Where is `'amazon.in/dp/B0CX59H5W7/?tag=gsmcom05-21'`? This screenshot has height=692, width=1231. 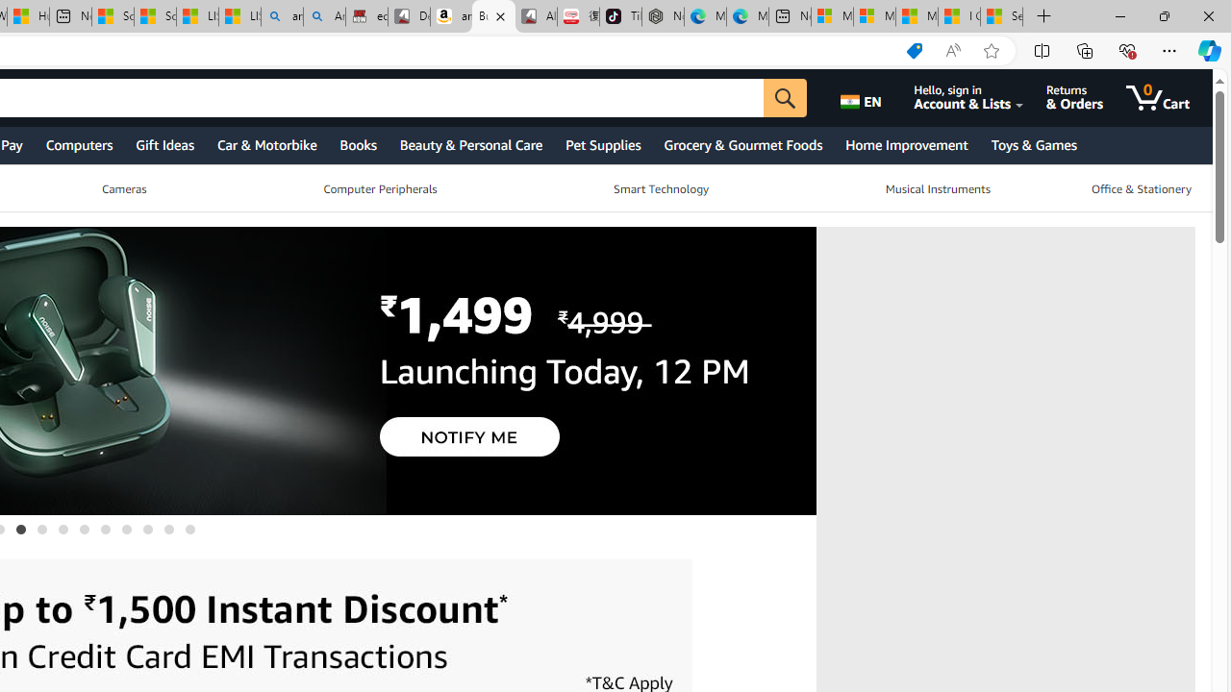 'amazon.in/dp/B0CX59H5W7/?tag=gsmcom05-21' is located at coordinates (450, 16).